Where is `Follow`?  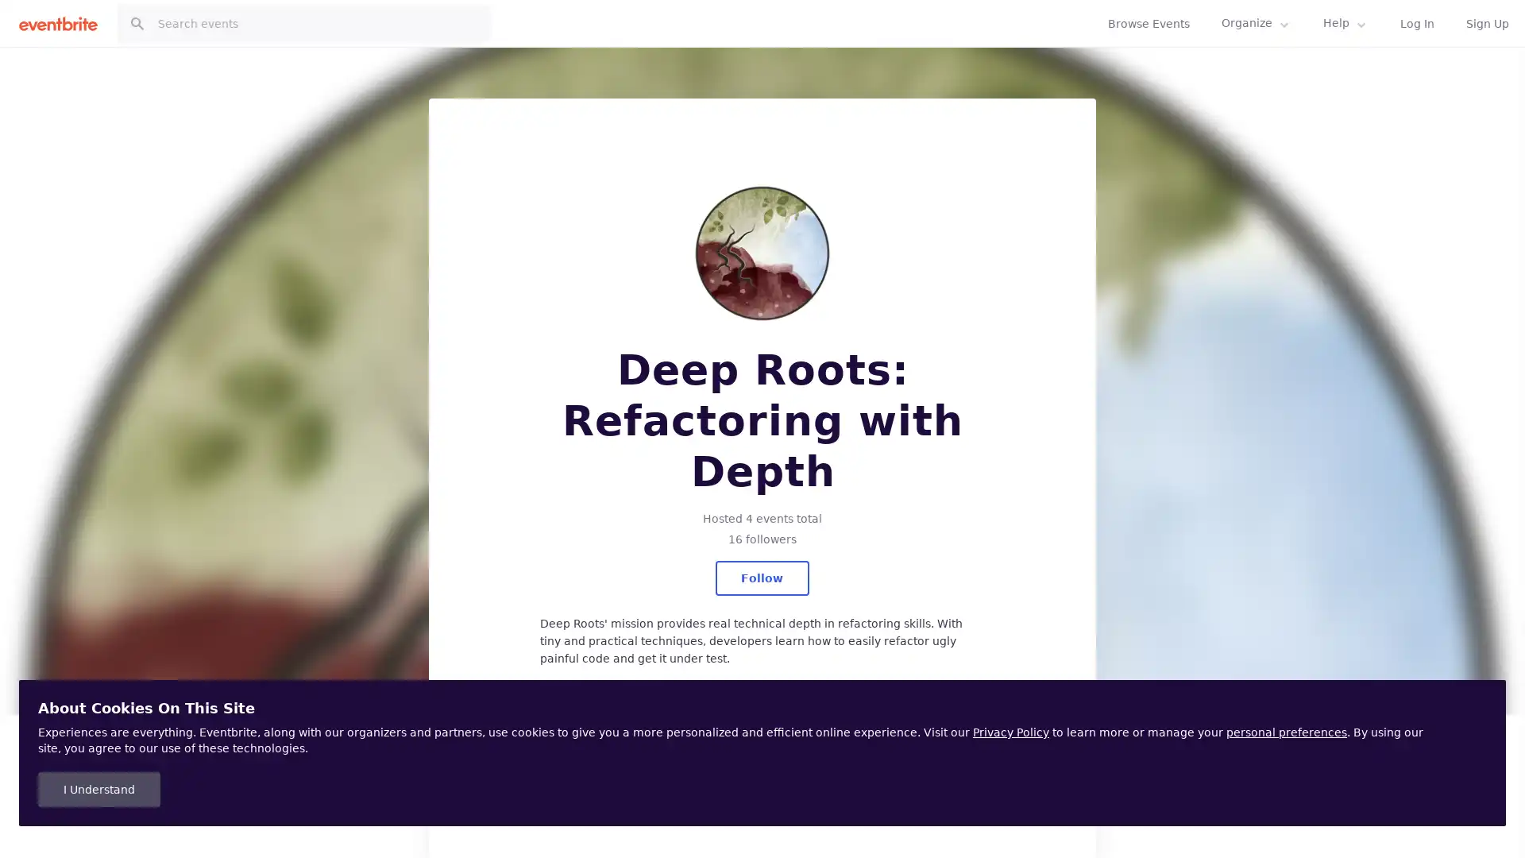
Follow is located at coordinates (761, 578).